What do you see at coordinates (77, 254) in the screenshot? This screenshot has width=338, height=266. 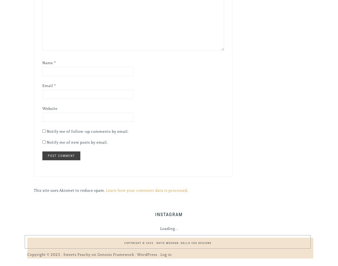 I see `'Sweets Peachy'` at bounding box center [77, 254].